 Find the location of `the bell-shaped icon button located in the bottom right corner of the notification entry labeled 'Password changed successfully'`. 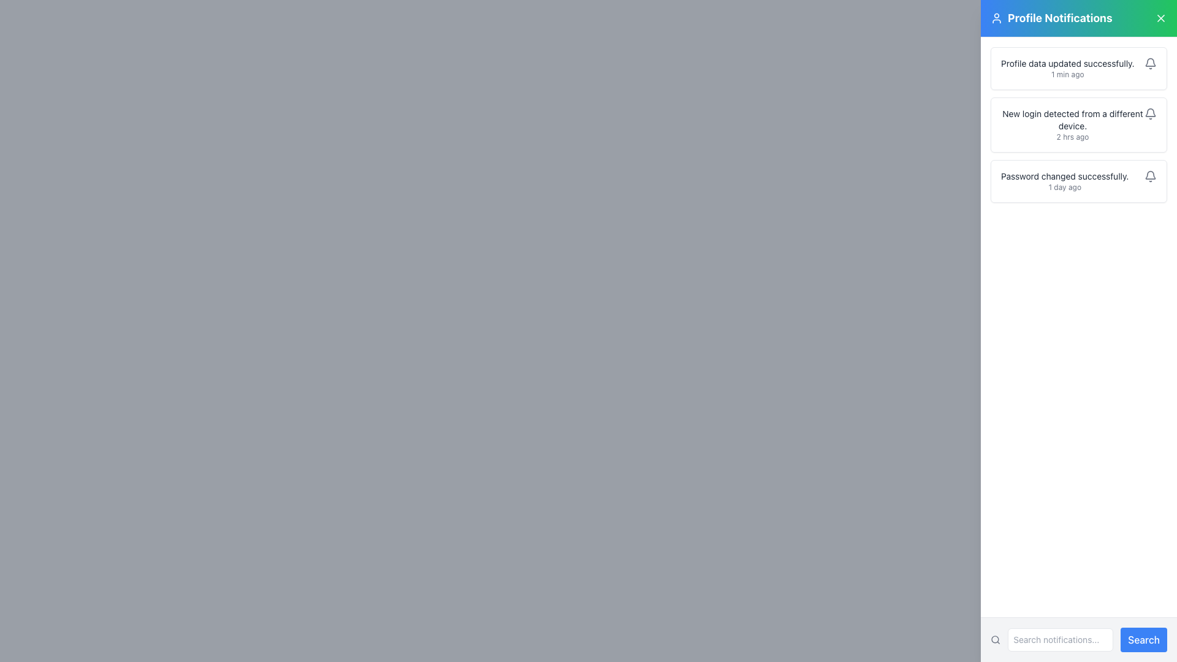

the bell-shaped icon button located in the bottom right corner of the notification entry labeled 'Password changed successfully' is located at coordinates (1149, 177).